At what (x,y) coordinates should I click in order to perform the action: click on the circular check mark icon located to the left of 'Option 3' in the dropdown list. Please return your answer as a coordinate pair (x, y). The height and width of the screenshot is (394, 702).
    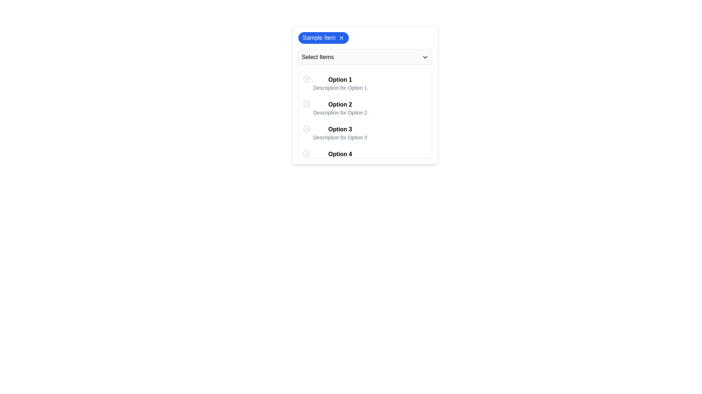
    Looking at the image, I should click on (307, 128).